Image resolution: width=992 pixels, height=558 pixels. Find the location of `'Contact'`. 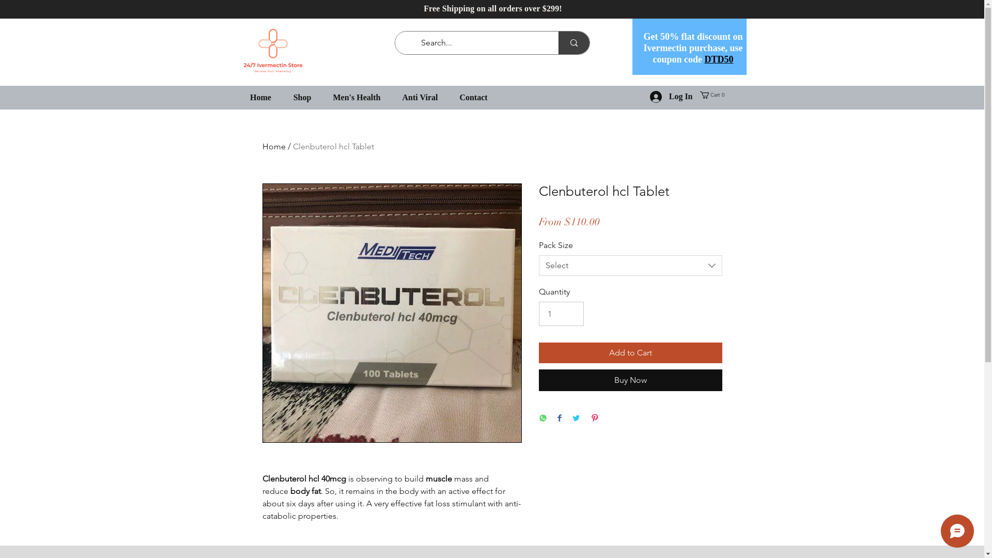

'Contact' is located at coordinates (473, 97).